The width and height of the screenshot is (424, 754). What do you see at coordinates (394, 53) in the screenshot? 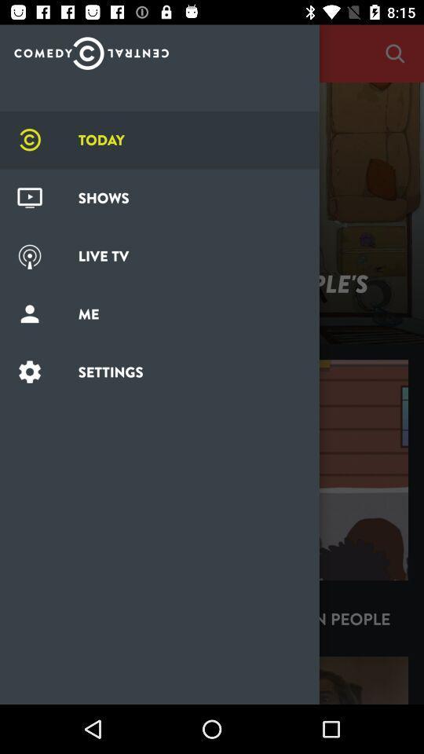
I see `the search button` at bounding box center [394, 53].